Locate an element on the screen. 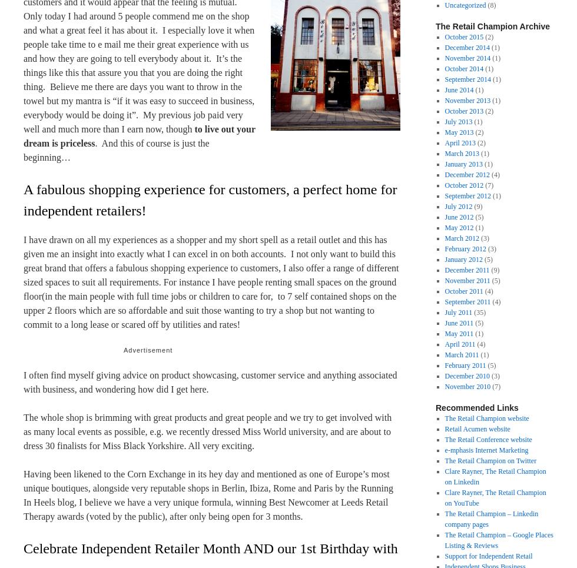 The image size is (577, 568). 'January 2013' is located at coordinates (444, 164).